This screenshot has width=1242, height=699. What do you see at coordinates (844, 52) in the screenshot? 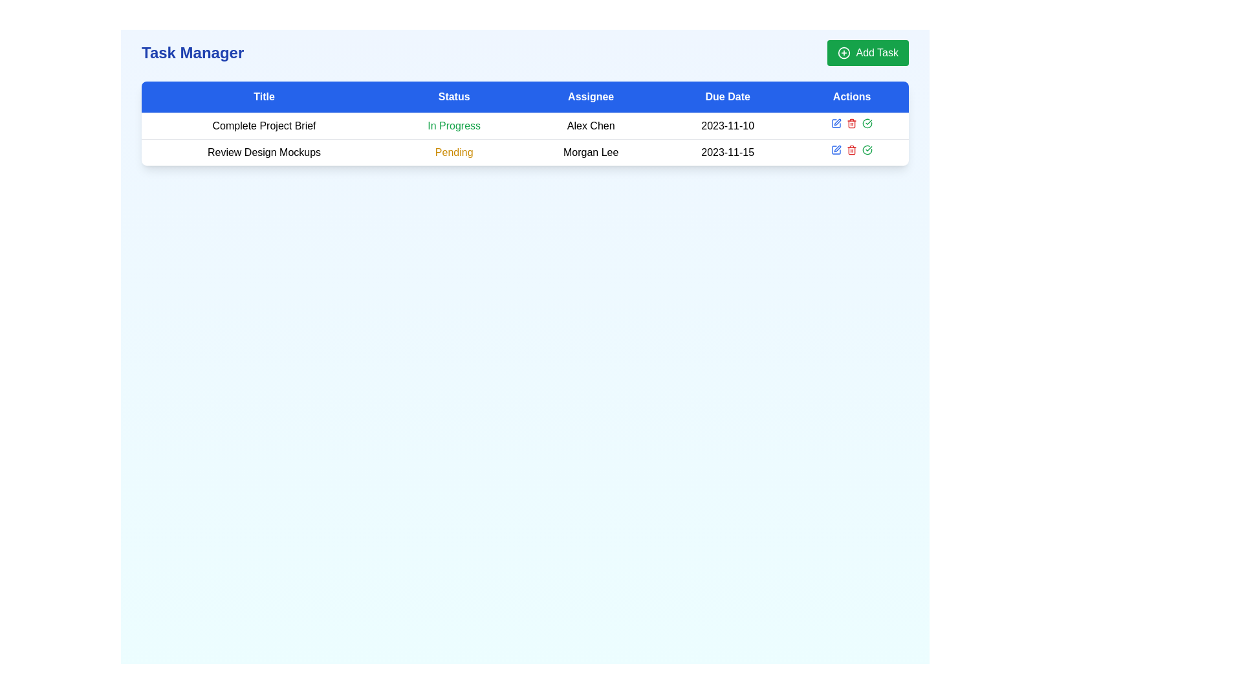
I see `the 'Add Task' button, which is visually represented by an SVG circle as part of a plus sign icon located in the top right corner of the interface` at bounding box center [844, 52].